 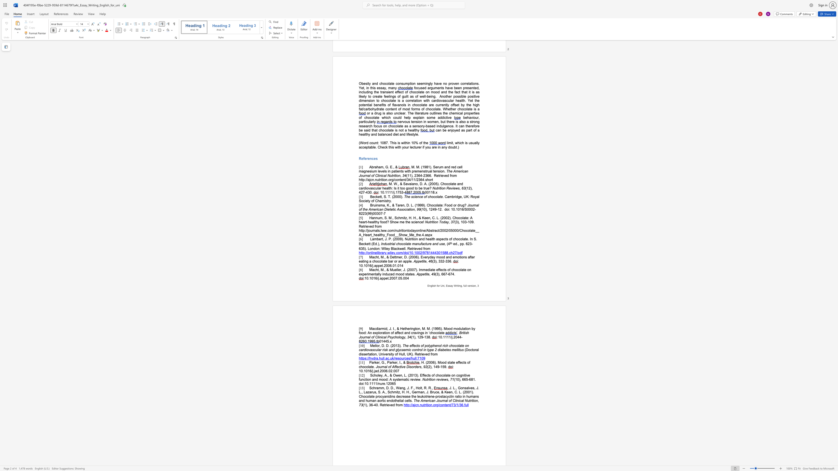 What do you see at coordinates (393, 404) in the screenshot?
I see `the subset text "d from" within the text "(1), 36-40. Retrieved from"` at bounding box center [393, 404].